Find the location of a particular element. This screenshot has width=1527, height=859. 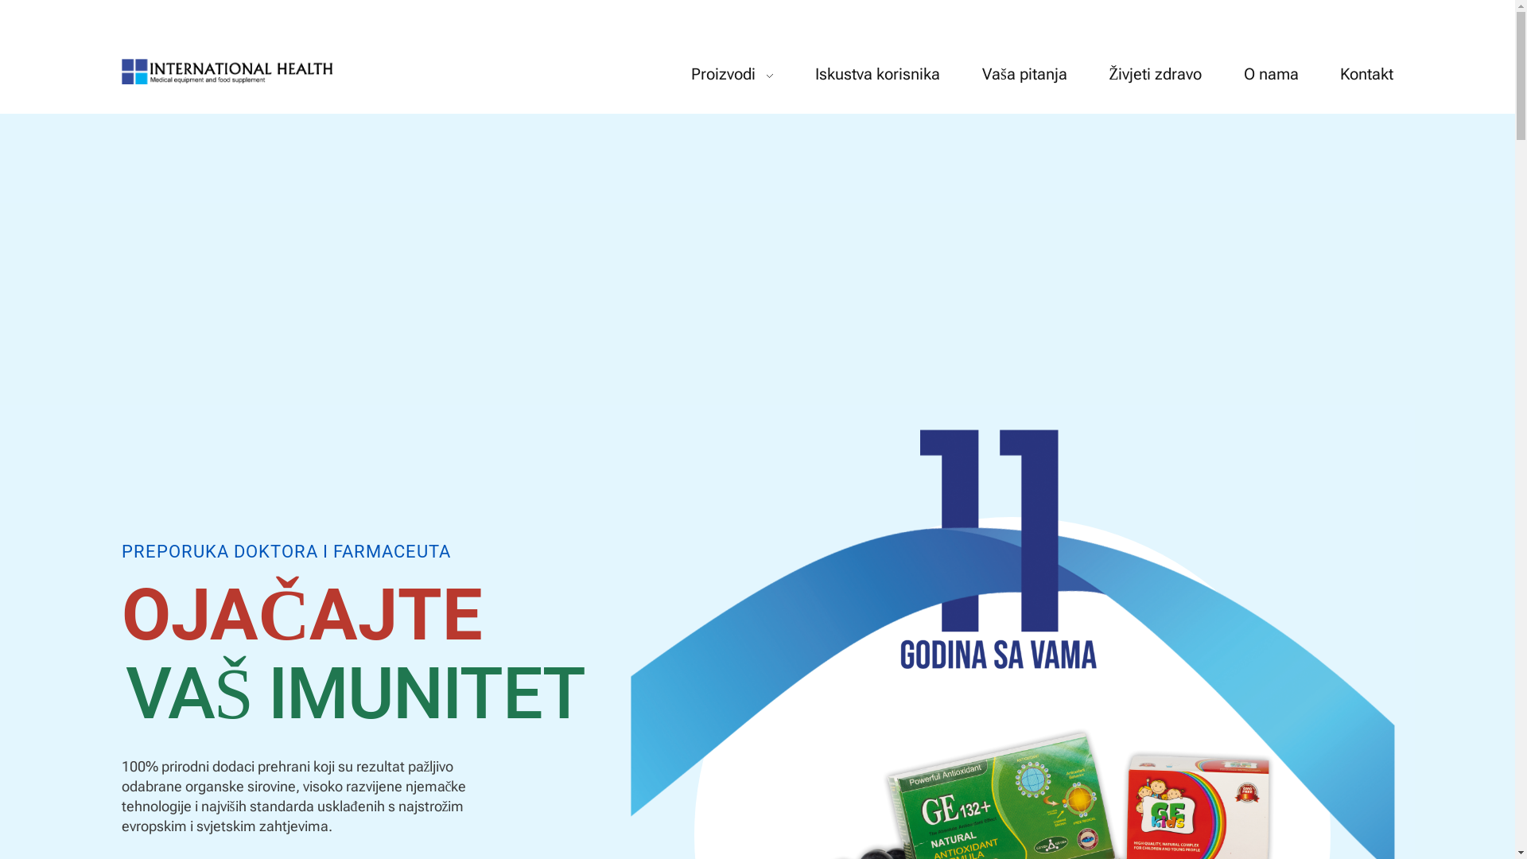

'Iskustva korisnika' is located at coordinates (877, 73).